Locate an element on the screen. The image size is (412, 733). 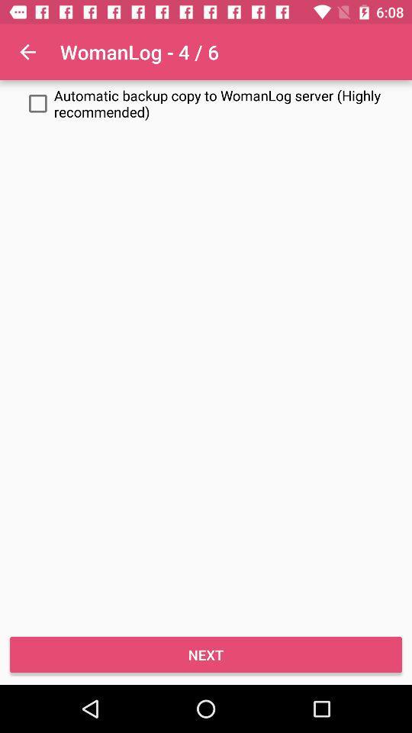
icon next to the womanlog - 4 / 6 is located at coordinates (27, 52).